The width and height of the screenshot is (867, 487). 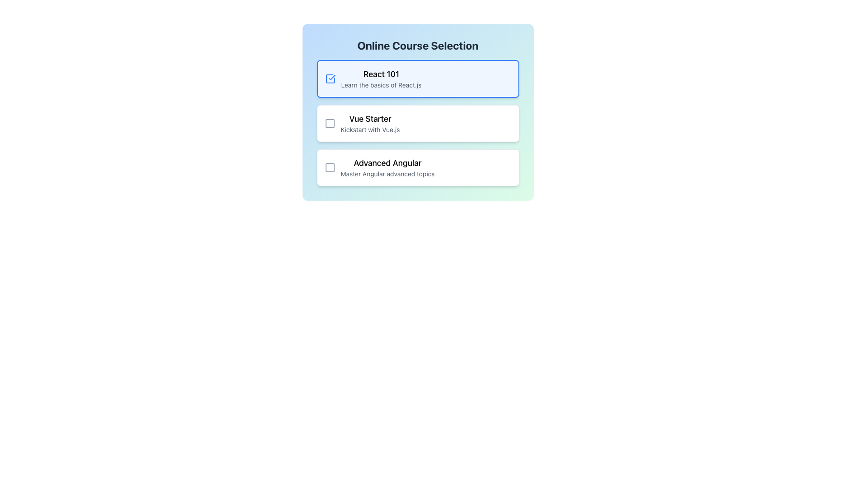 I want to click on the Text Label that serves as the title for the course 'React 101', which is positioned at the top center of the selection box in the 'Online Course Selection' interface, so click(x=381, y=74).